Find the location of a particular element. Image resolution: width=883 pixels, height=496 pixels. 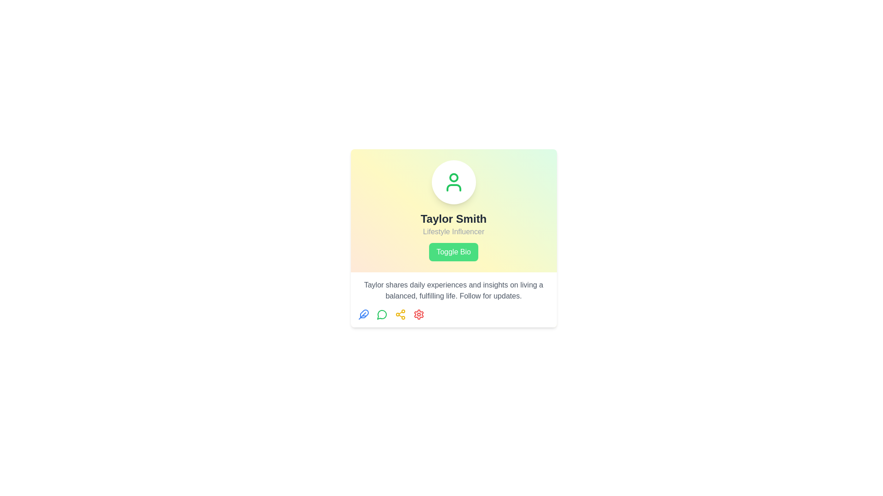

the circular chat bubble icon with a green stroke, which is the third icon among four located at the bottom of the user information card is located at coordinates (382, 314).